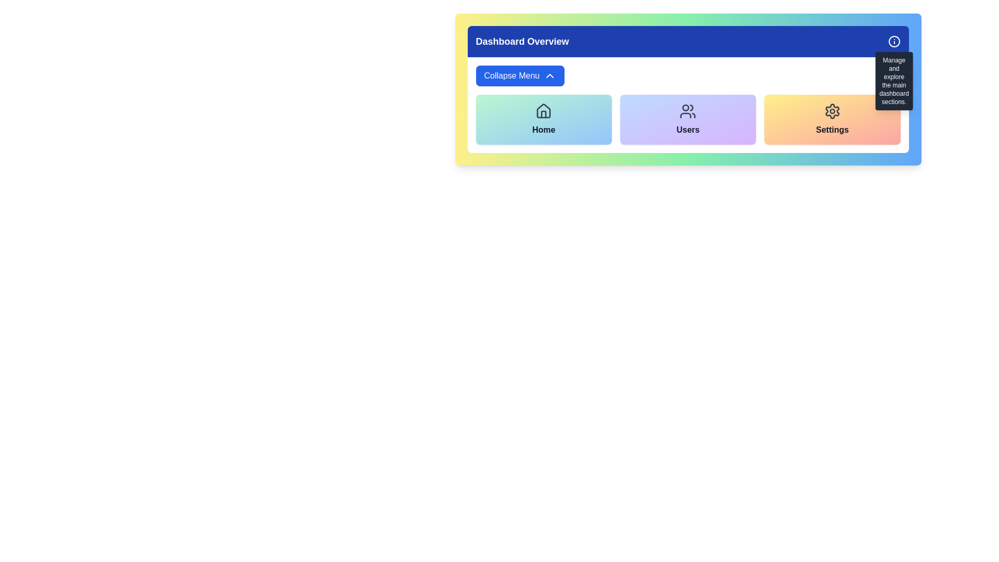 This screenshot has height=562, width=999. Describe the element at coordinates (893, 80) in the screenshot. I see `the tooltip with dark gray background and white text that reads 'Manage and explore the main dashboard sections.'` at that location.